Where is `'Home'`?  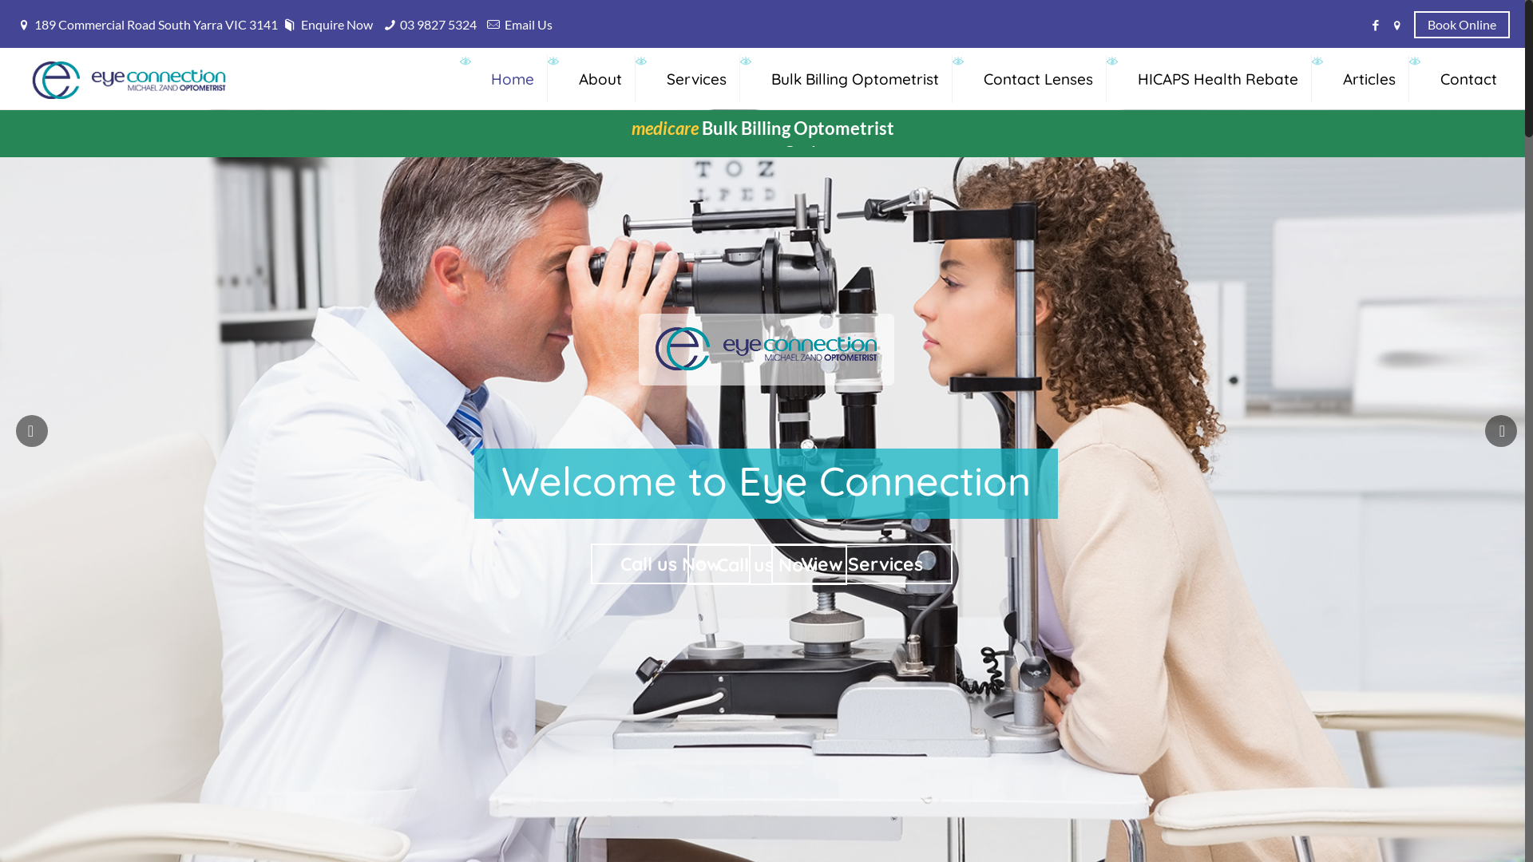
'Home' is located at coordinates (513, 78).